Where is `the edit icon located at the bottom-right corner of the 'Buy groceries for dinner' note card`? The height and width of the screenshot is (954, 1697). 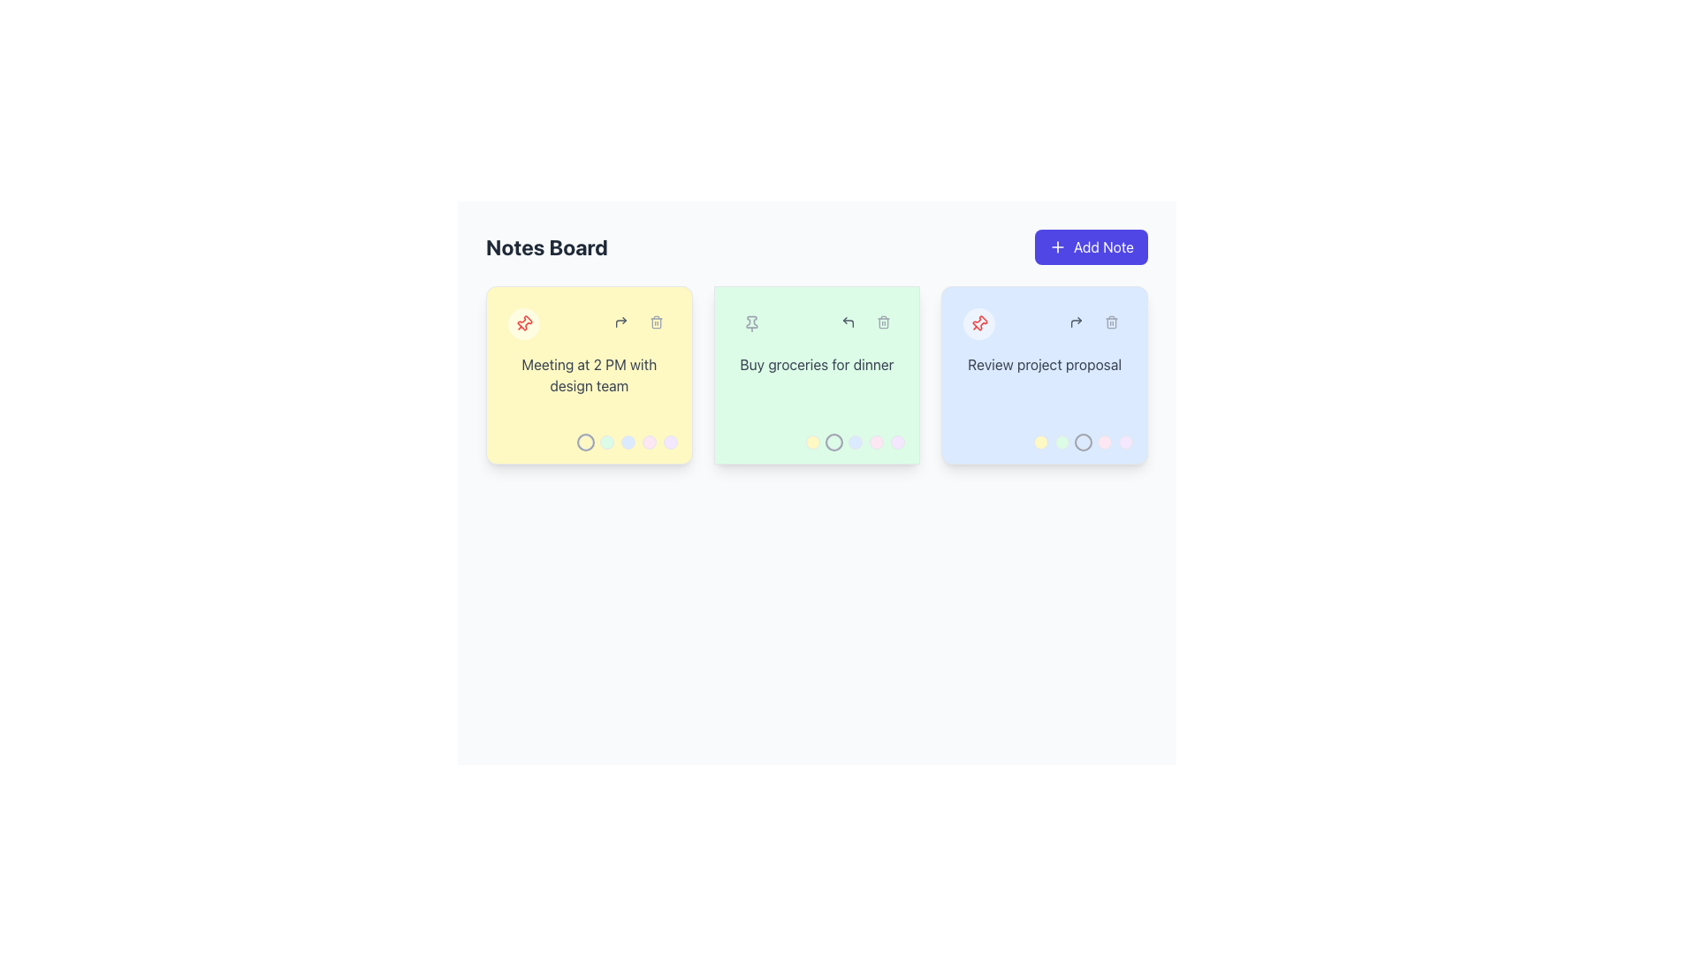 the edit icon located at the bottom-right corner of the 'Buy groceries for dinner' note card is located at coordinates (891, 367).